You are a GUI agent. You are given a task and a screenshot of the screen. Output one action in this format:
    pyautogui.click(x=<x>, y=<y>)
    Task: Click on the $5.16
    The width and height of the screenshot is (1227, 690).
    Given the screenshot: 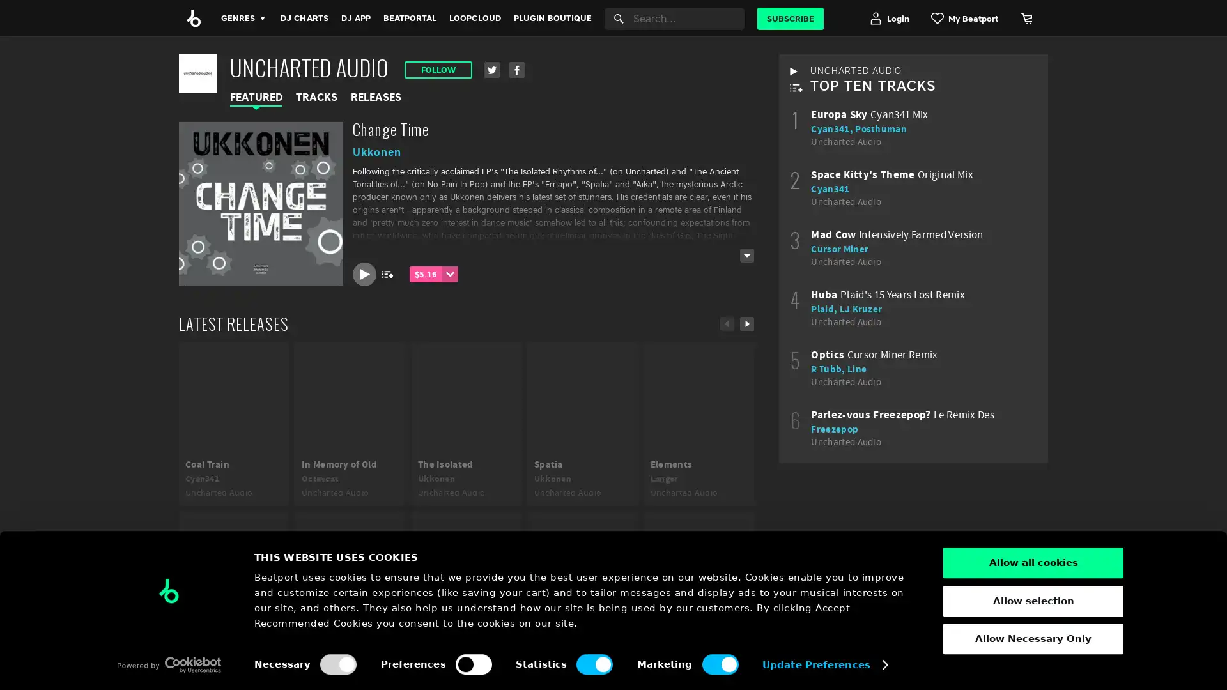 What is the action you would take?
    pyautogui.click(x=426, y=273)
    